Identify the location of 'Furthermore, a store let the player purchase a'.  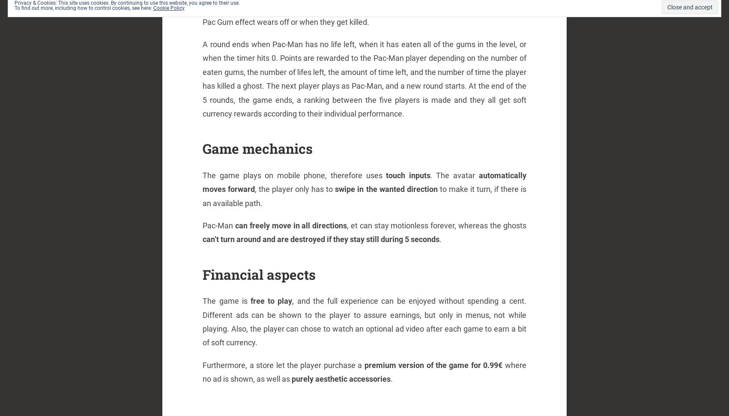
(283, 364).